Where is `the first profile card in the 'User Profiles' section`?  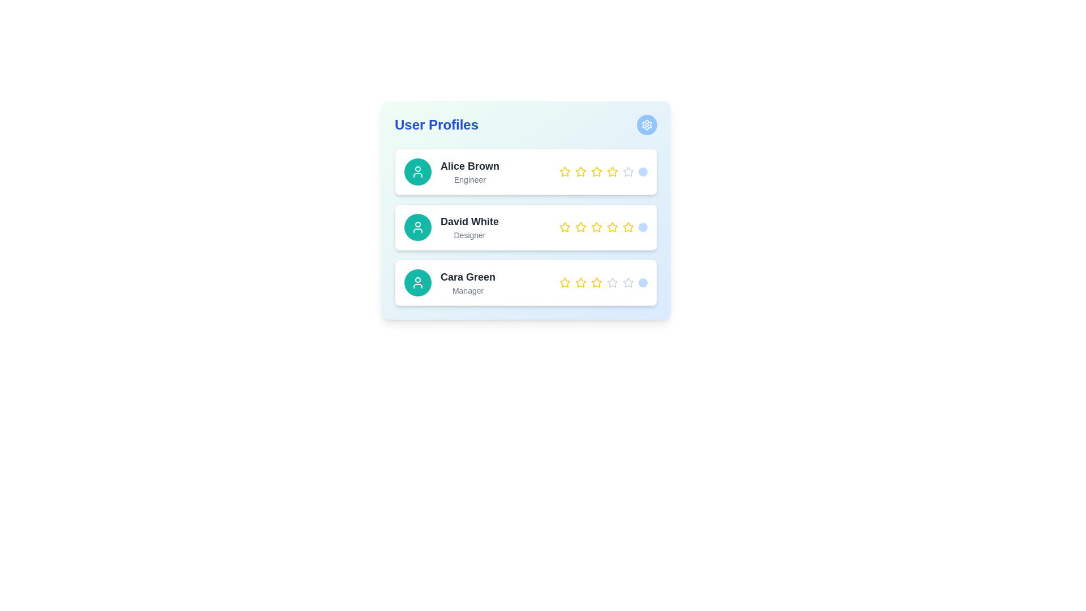
the first profile card in the 'User Profiles' section is located at coordinates (525, 172).